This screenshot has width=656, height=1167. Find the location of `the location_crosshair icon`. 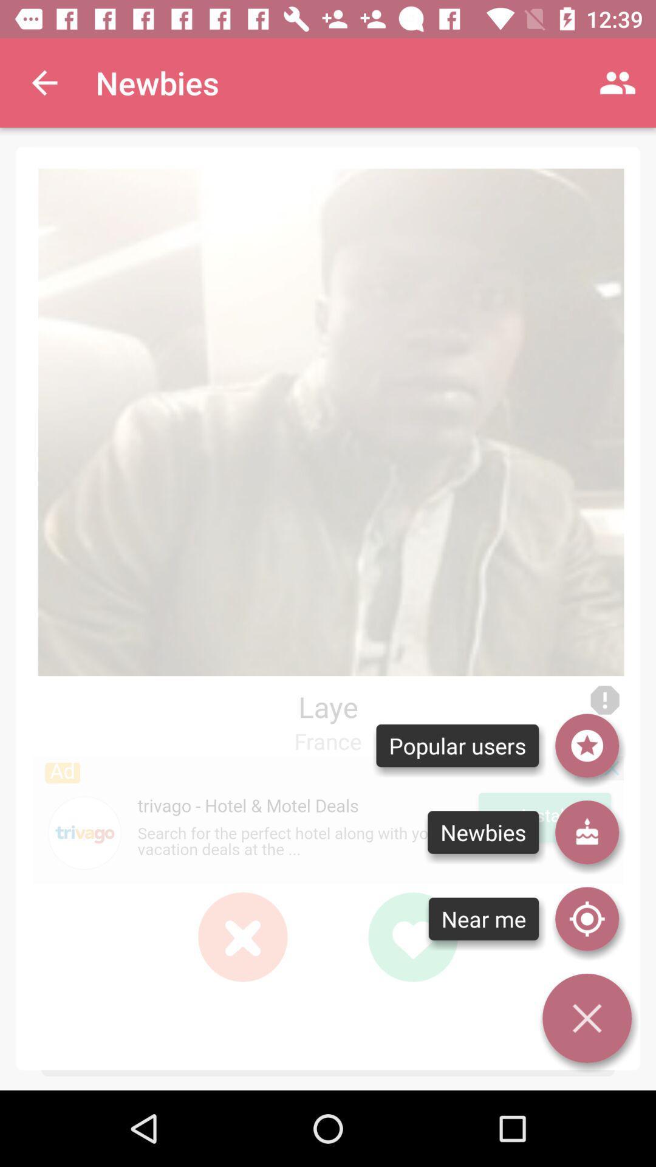

the location_crosshair icon is located at coordinates (586, 919).